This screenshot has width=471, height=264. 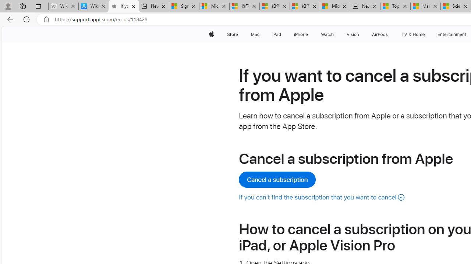 I want to click on 'AirPods', so click(x=380, y=34).